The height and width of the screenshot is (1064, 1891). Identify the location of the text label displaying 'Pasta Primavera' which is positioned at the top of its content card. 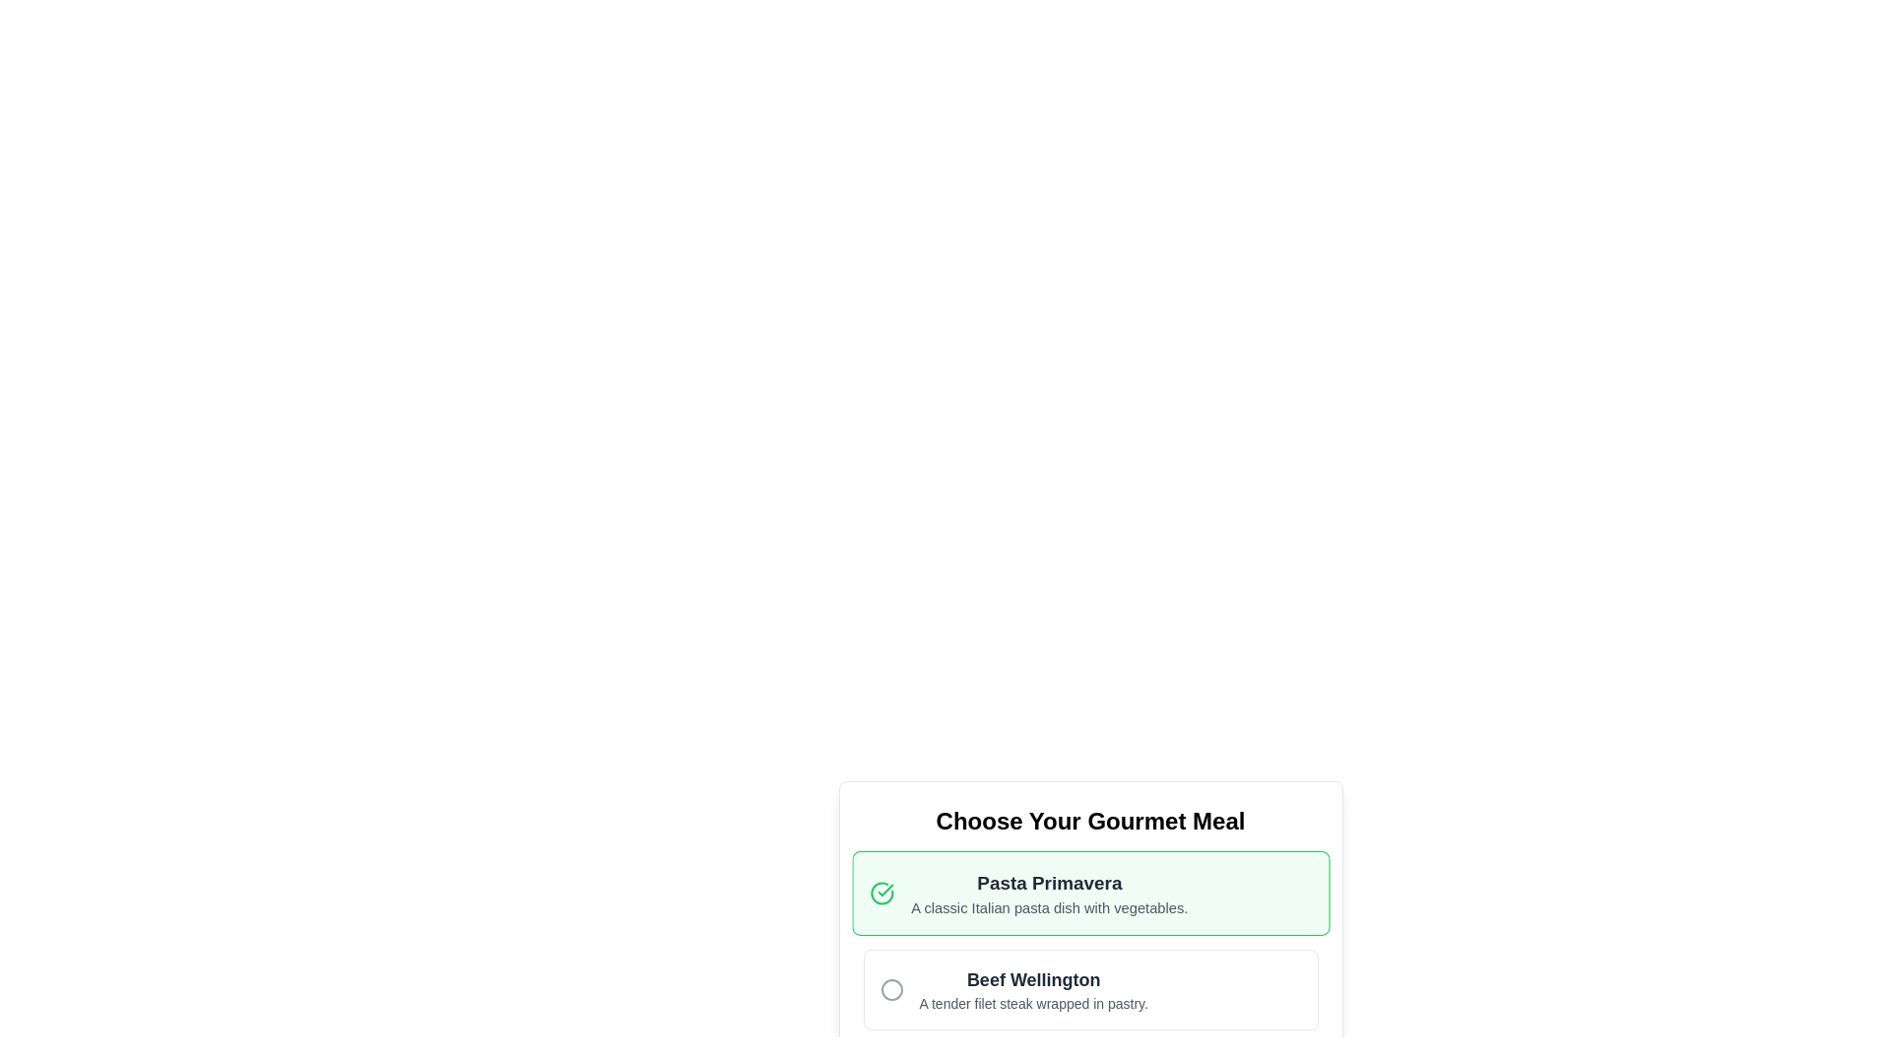
(1048, 882).